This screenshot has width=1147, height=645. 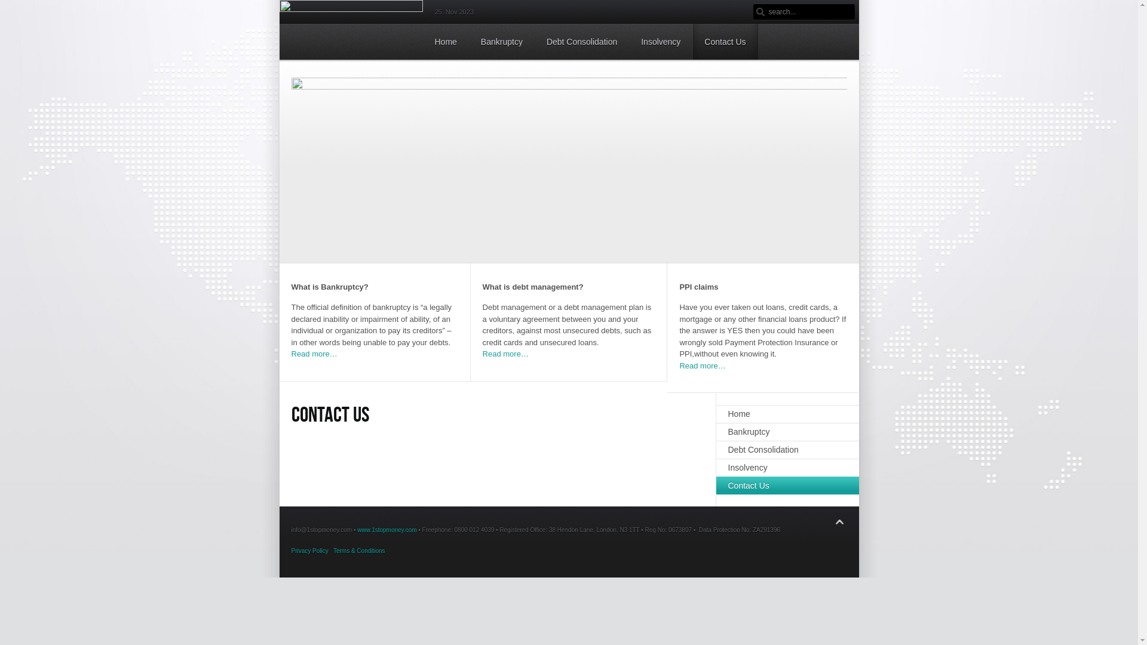 I want to click on 'Terms & Conditions', so click(x=358, y=551).